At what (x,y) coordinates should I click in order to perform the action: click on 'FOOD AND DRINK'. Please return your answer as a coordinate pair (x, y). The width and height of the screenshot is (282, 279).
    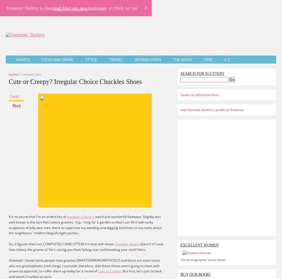
    Looking at the image, I should click on (57, 59).